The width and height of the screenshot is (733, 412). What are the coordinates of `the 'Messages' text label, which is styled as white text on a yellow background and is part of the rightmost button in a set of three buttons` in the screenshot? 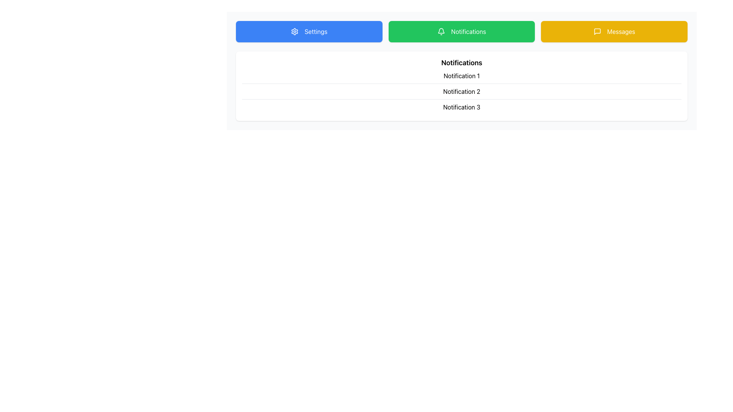 It's located at (621, 31).